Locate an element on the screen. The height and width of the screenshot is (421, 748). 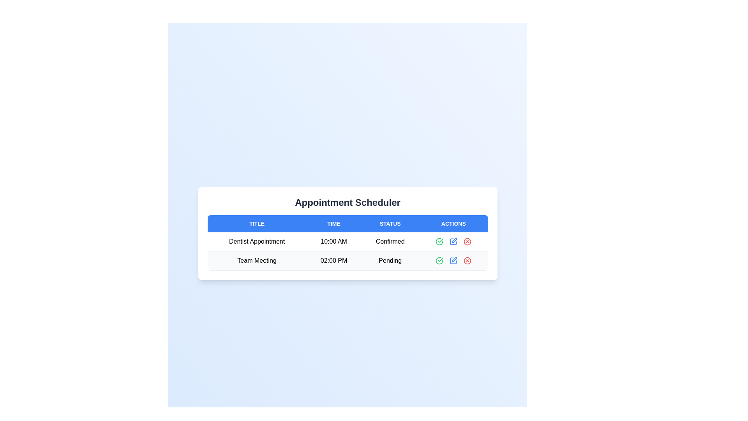
the text label with the blue background and white uppercase text reading 'TITLE', which is the first column header in the structured table layout is located at coordinates (257, 224).